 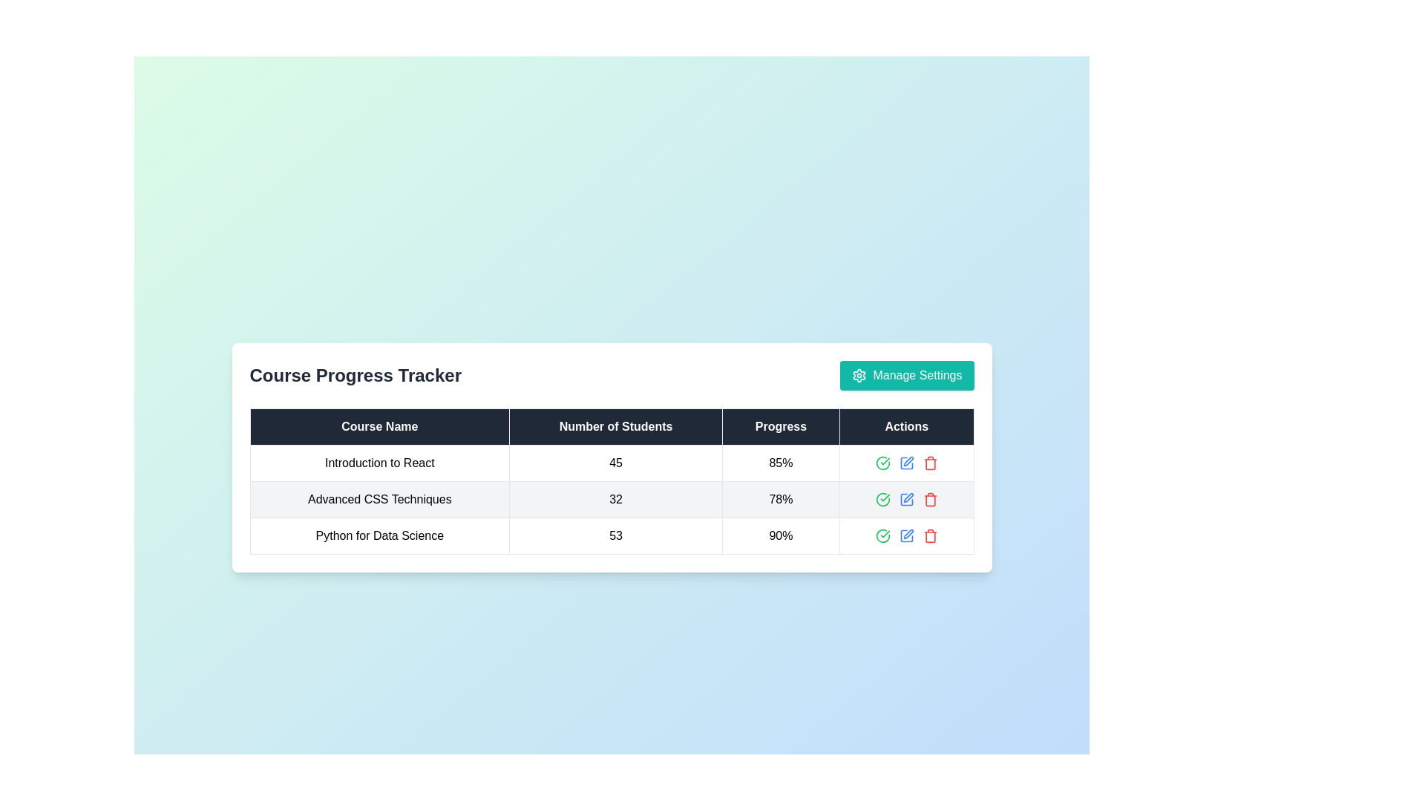 What do you see at coordinates (379, 462) in the screenshot?
I see `the static text label displaying 'Introduction to React' in black font, located in the first row under the 'Course Name' column of the 'Course Progress Tracker' table` at bounding box center [379, 462].